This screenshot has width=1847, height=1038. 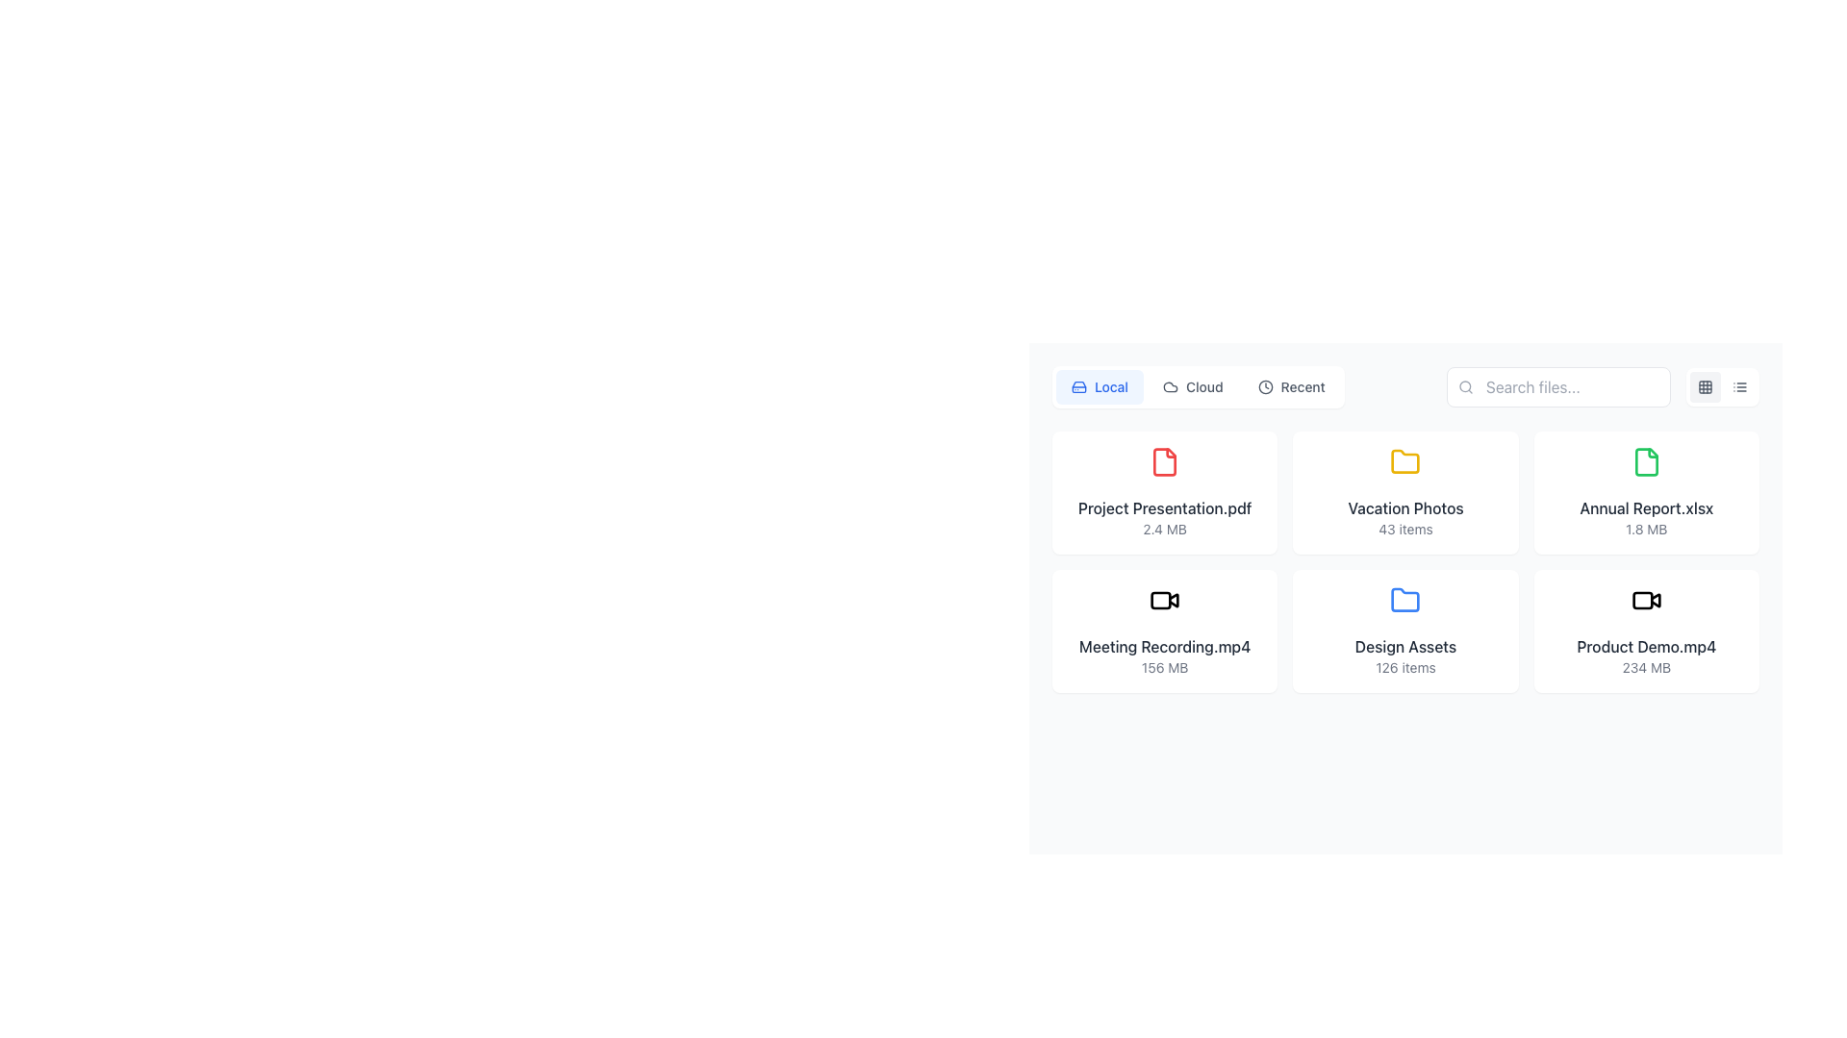 What do you see at coordinates (1558, 386) in the screenshot?
I see `the search input field with a magnifying glass icon and placeholder text 'Search files...'` at bounding box center [1558, 386].